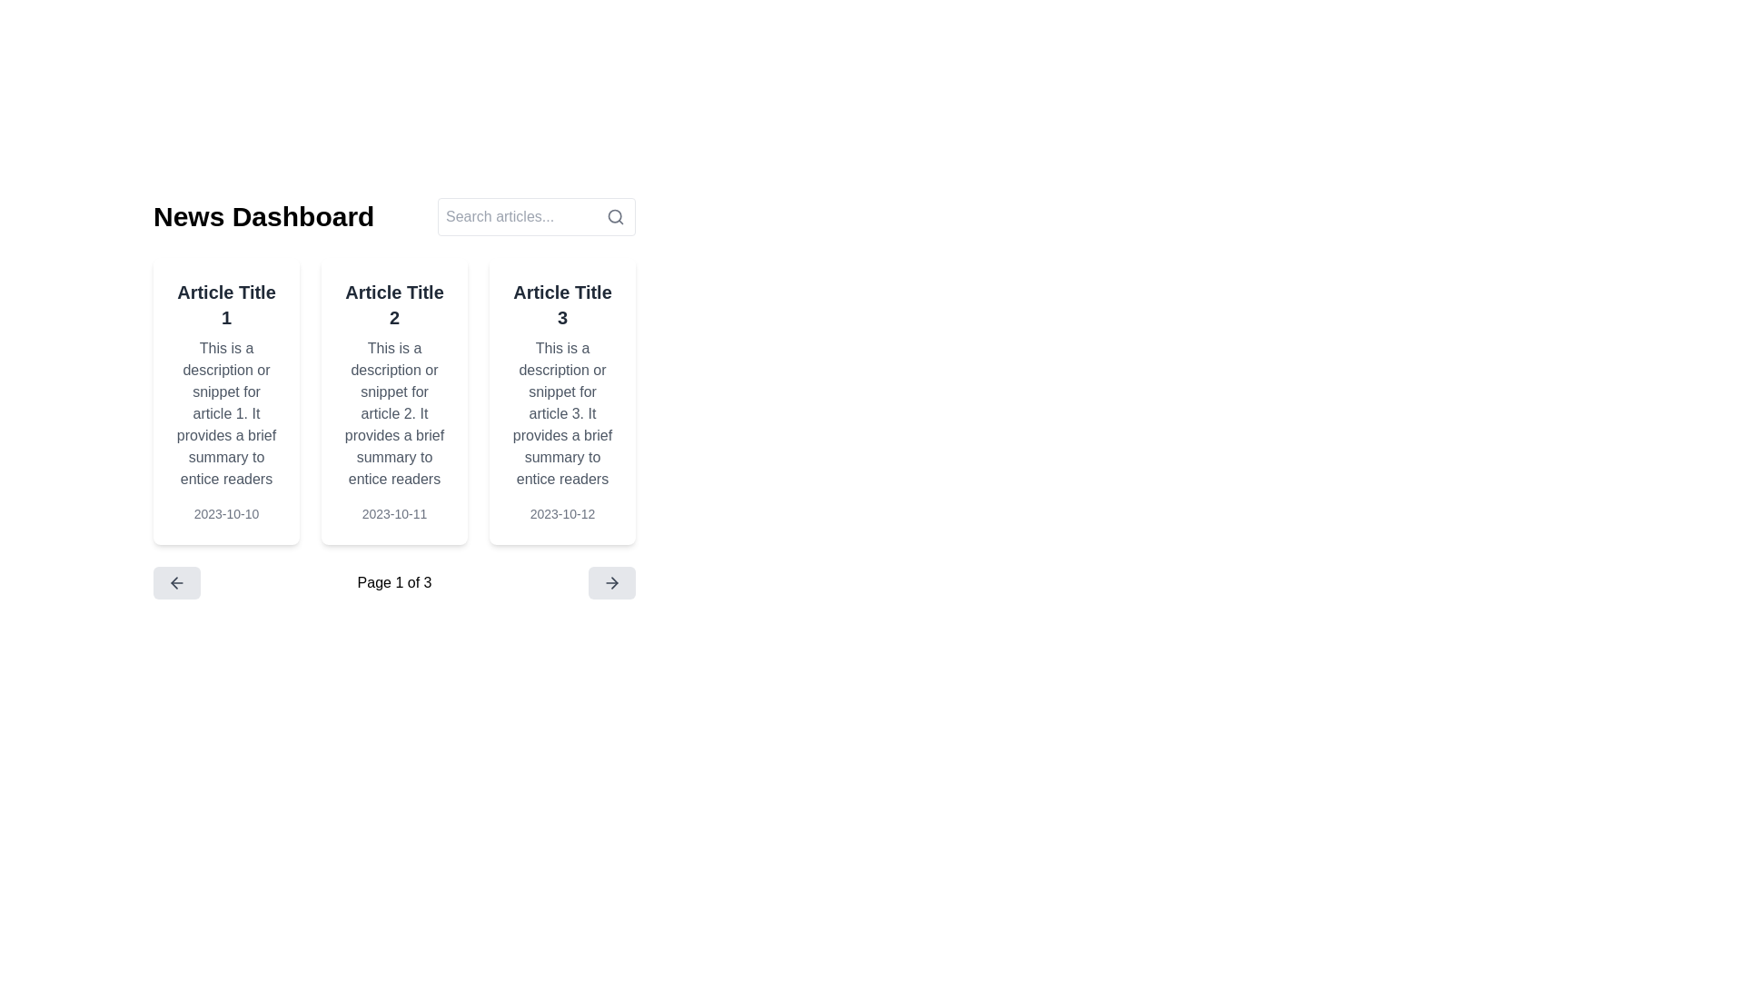  I want to click on the Heading text at the top of the leftmost card on the News Dashboard, so click(225, 303).